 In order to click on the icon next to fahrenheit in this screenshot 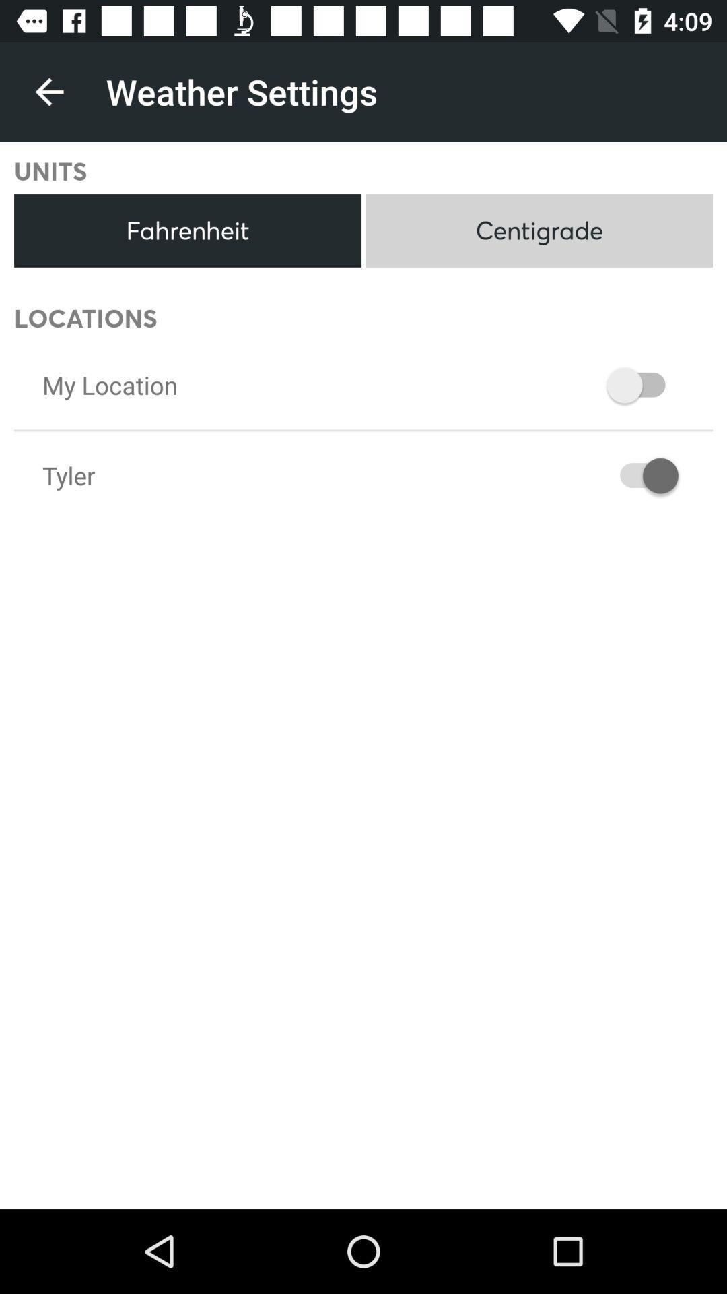, I will do `click(539, 230)`.